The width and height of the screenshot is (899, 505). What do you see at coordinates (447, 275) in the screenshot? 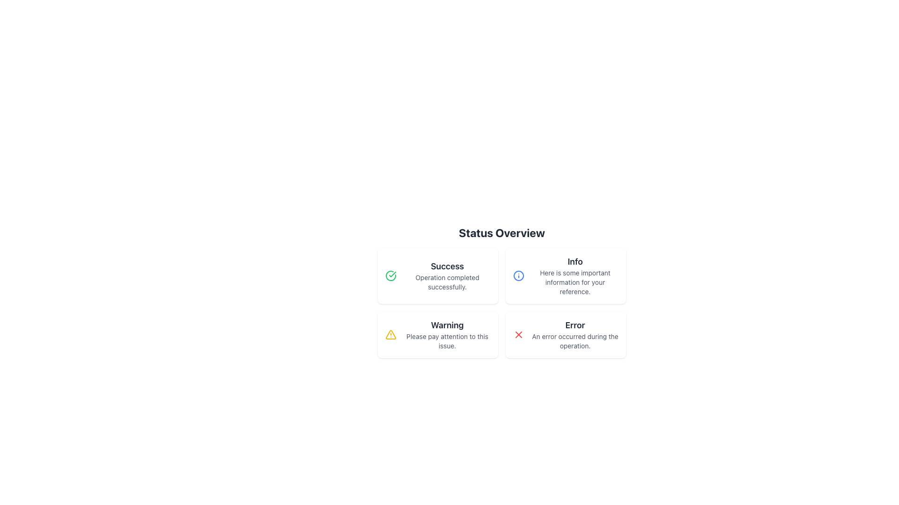
I see `information from the Informational block titled 'Success' with the subtitle 'Operation completed successfully.' located in the upper-left corner of the status blocks grid` at bounding box center [447, 275].